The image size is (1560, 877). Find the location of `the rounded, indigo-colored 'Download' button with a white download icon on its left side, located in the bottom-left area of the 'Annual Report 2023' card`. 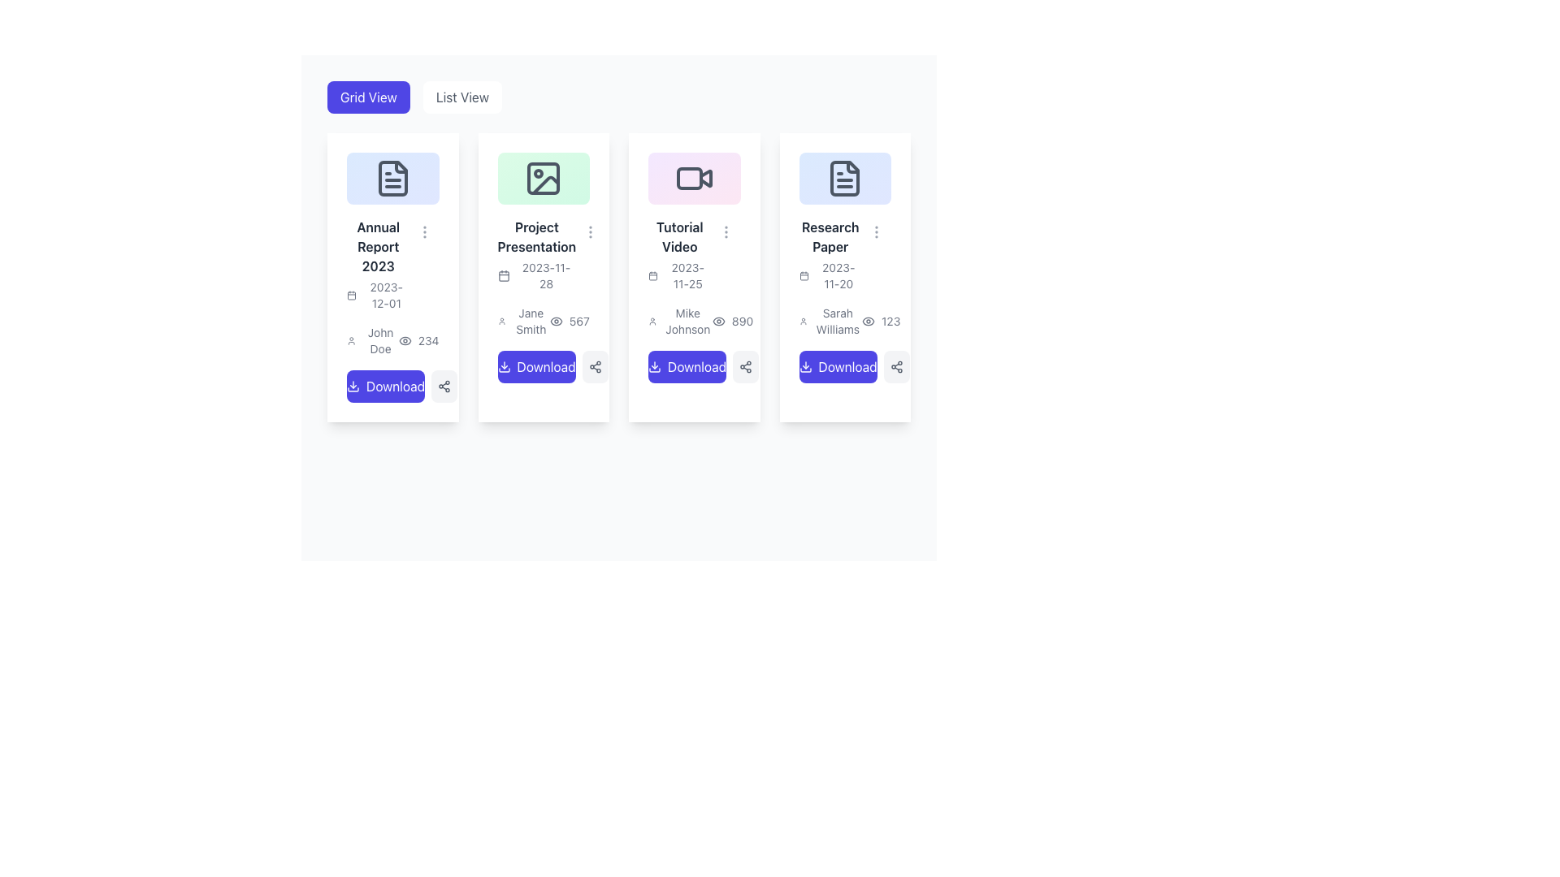

the rounded, indigo-colored 'Download' button with a white download icon on its left side, located in the bottom-left area of the 'Annual Report 2023' card is located at coordinates (385, 386).